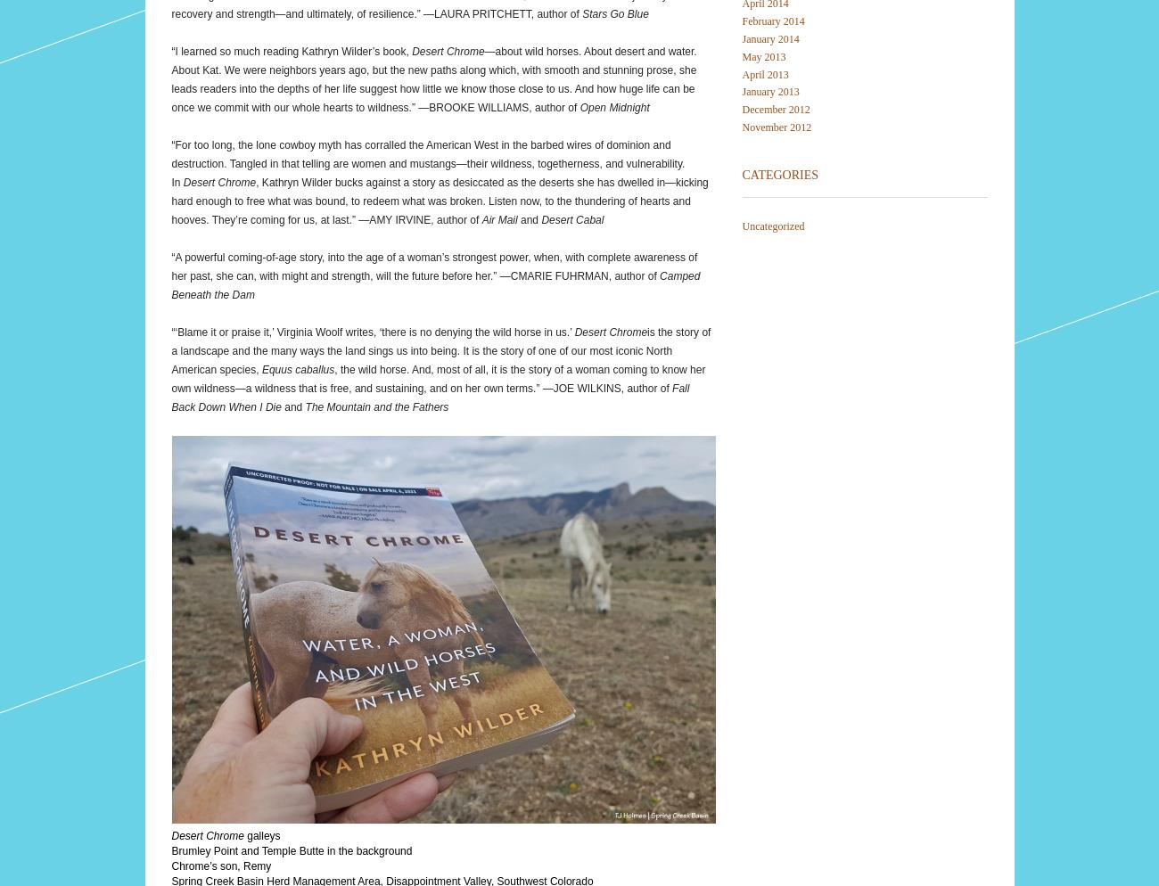 The width and height of the screenshot is (1159, 886). I want to click on 'CMARIE FUHRMAN,', so click(560, 275).